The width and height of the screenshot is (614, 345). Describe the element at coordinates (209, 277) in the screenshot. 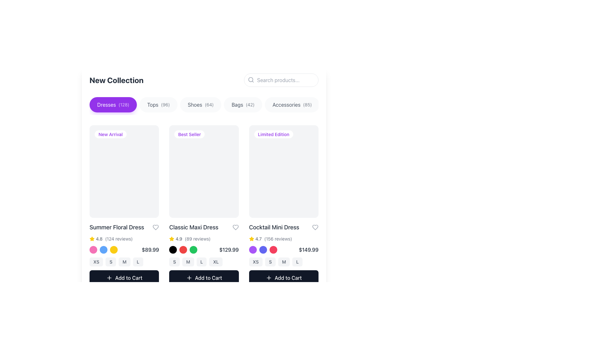

I see `the 'Add to Cart' button, which is styled with a bold font and is located beneath the product details of 'Classic Maxi Dress'` at that location.